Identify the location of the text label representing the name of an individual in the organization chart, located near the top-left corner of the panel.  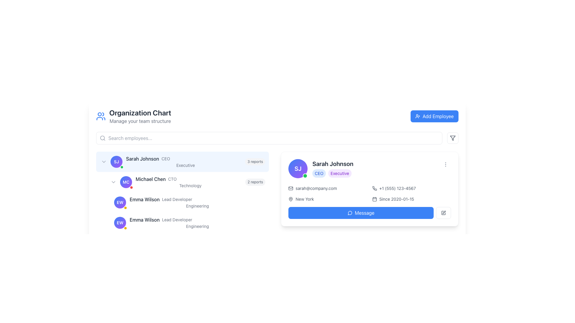
(142, 159).